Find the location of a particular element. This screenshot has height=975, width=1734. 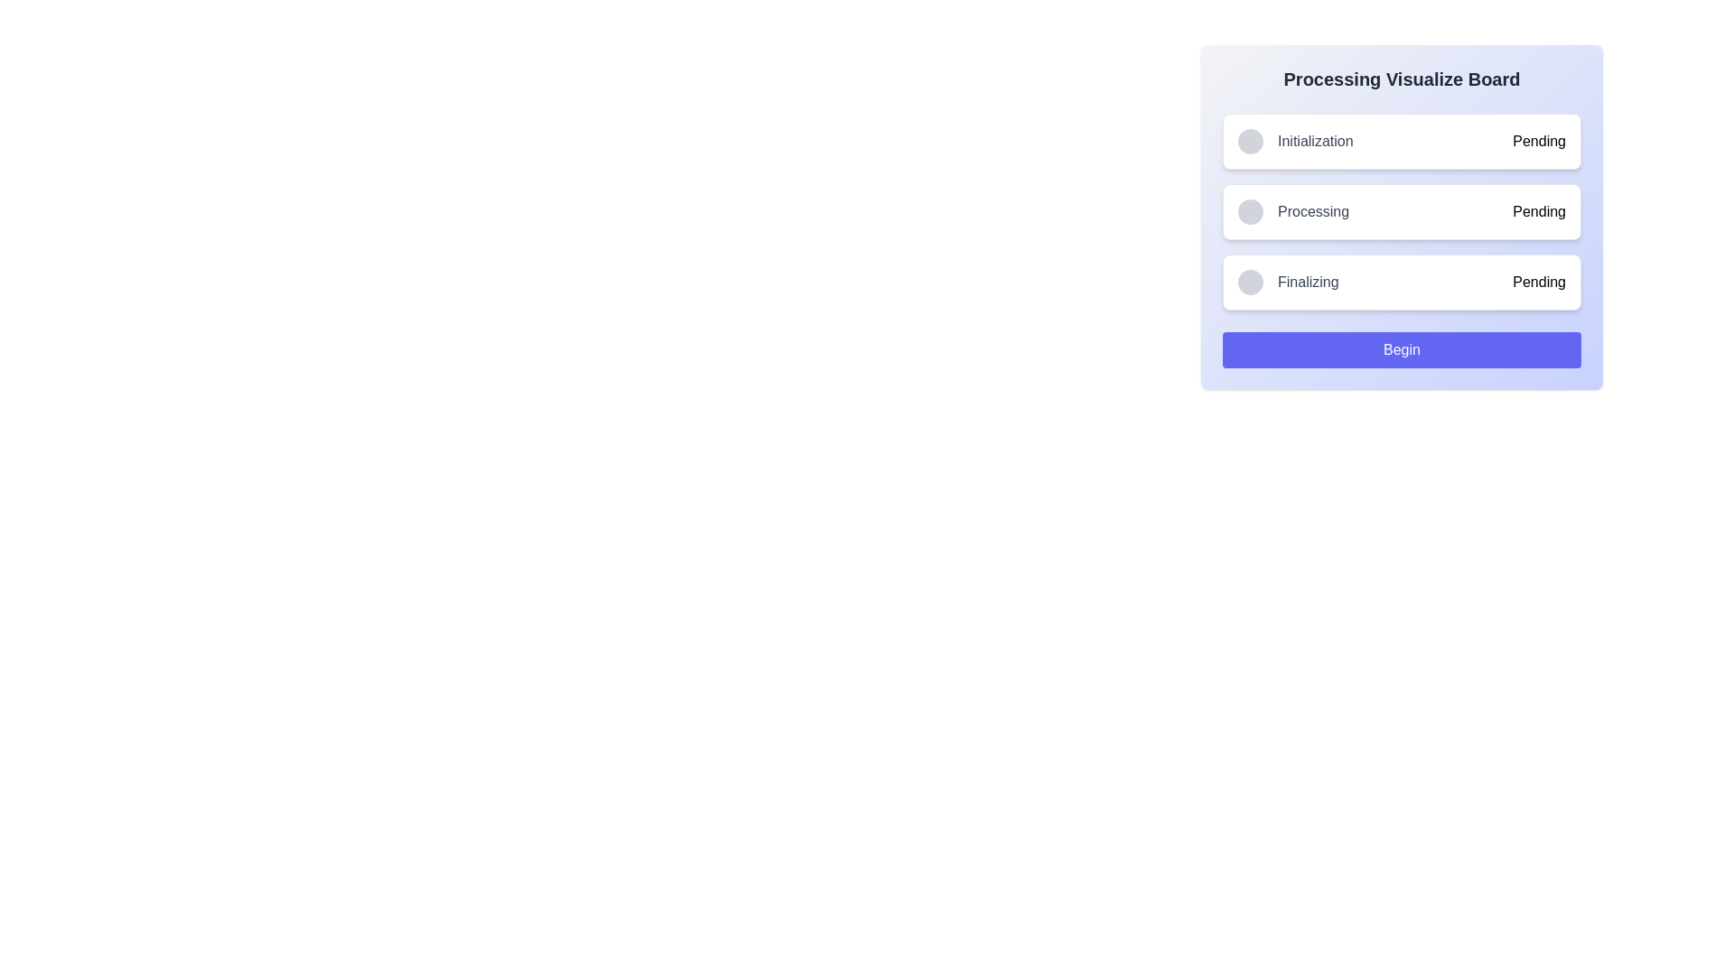

the Status panel displaying 'Pending' status, which is located below 'Initialization' and 'Processing' and above the 'Begin' button is located at coordinates (1401, 282).